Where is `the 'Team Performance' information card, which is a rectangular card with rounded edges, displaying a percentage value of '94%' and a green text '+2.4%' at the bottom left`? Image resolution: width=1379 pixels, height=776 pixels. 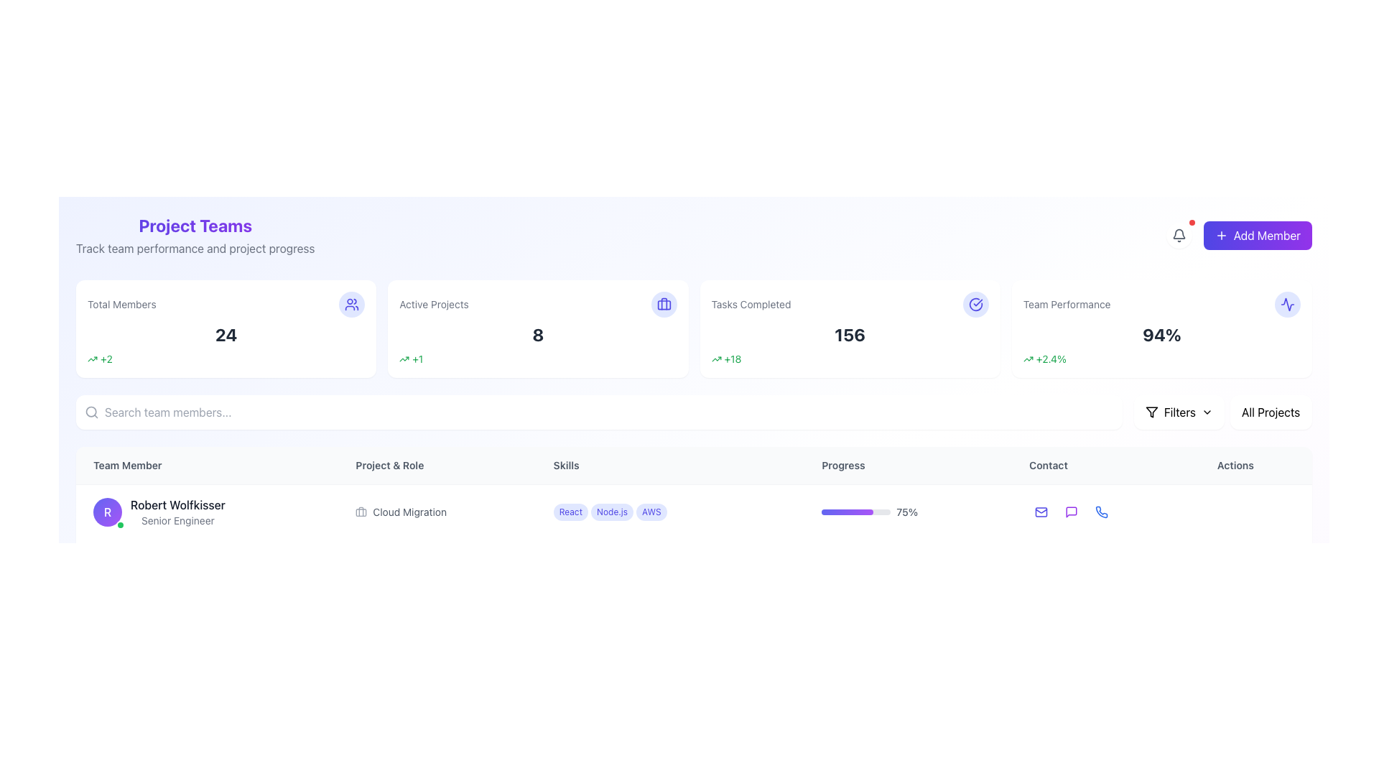
the 'Team Performance' information card, which is a rectangular card with rounded edges, displaying a percentage value of '94%' and a green text '+2.4%' at the bottom left is located at coordinates (1161, 329).